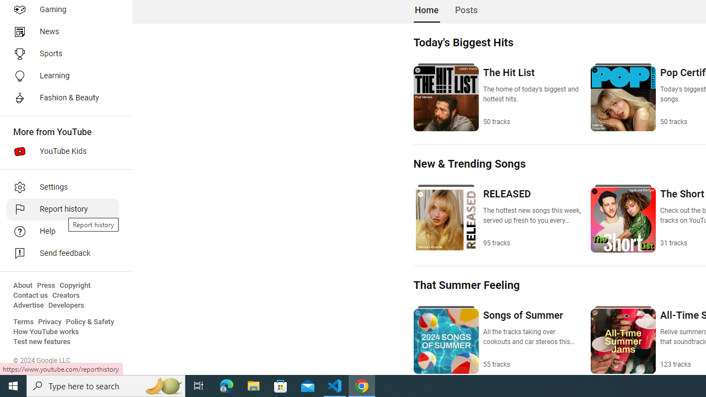 The image size is (706, 397). Describe the element at coordinates (62, 53) in the screenshot. I see `'Sports'` at that location.